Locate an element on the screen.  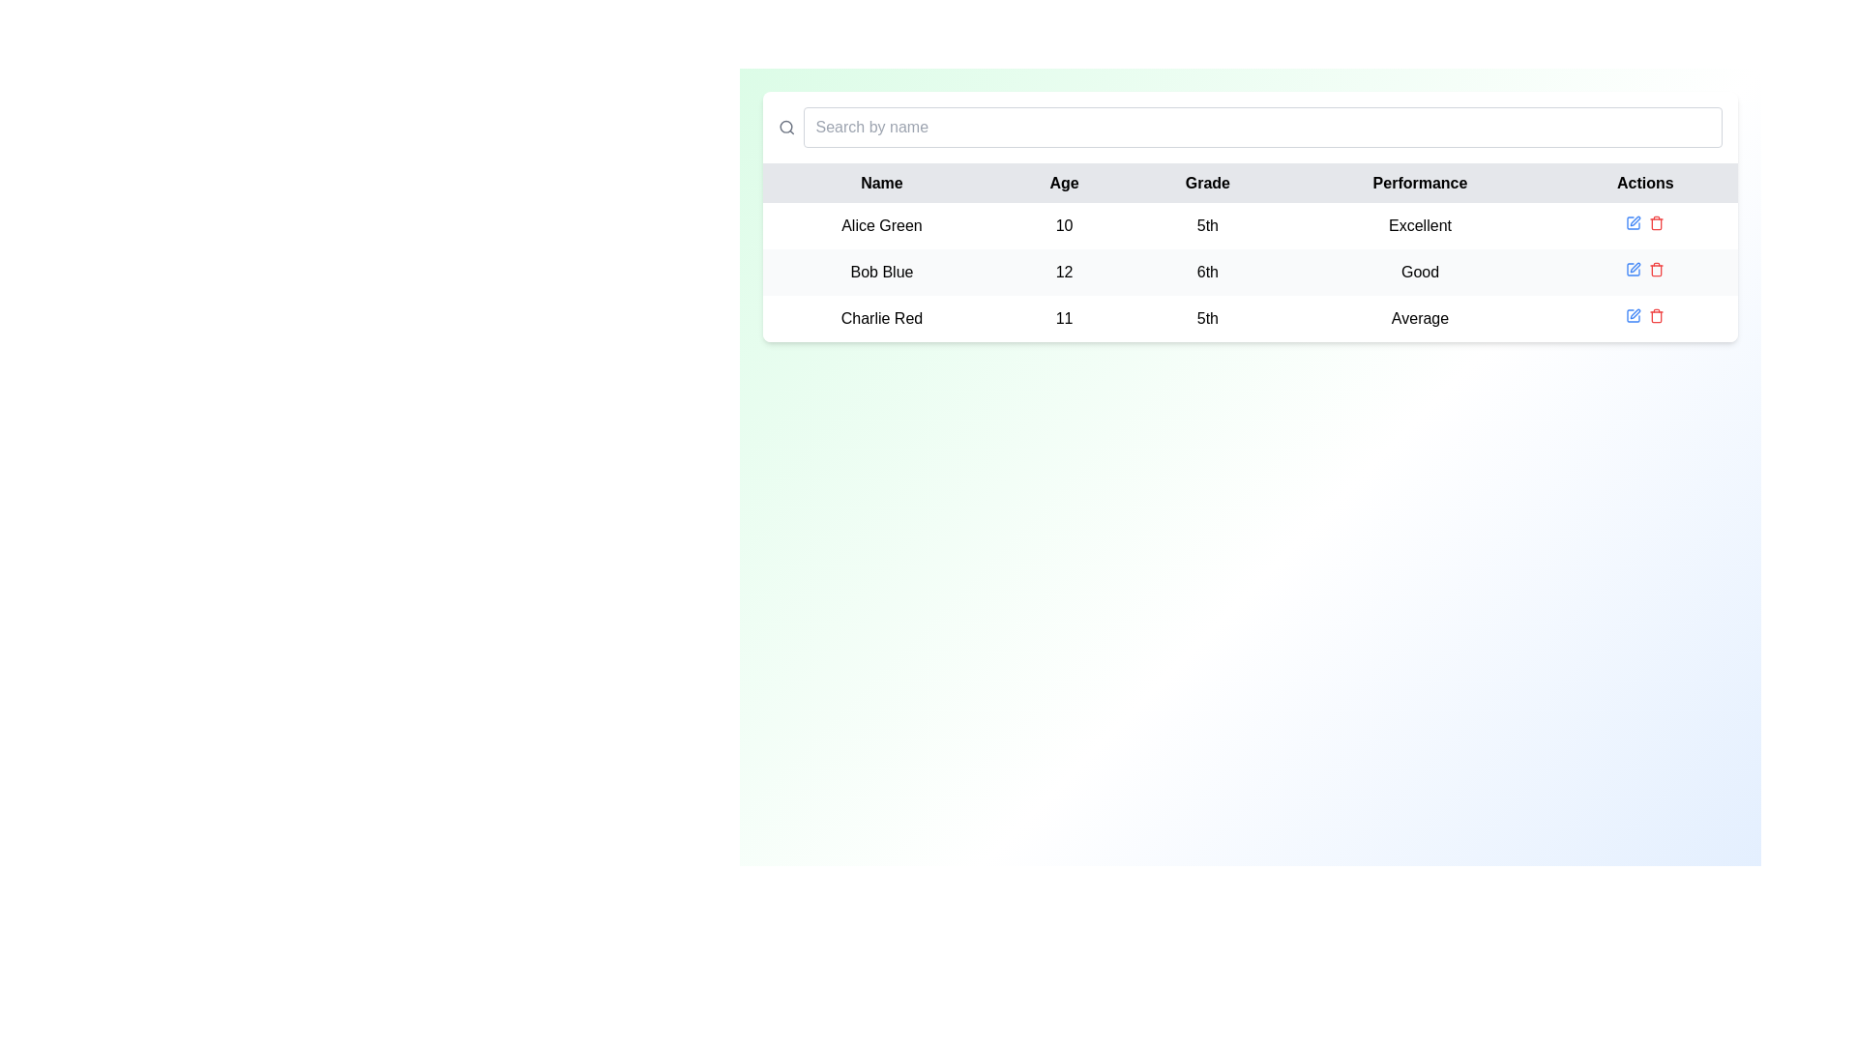
and understand the text label displaying '6th' under the 'Grade' column for the row associated with 'Bob Blue' is located at coordinates (1206, 272).